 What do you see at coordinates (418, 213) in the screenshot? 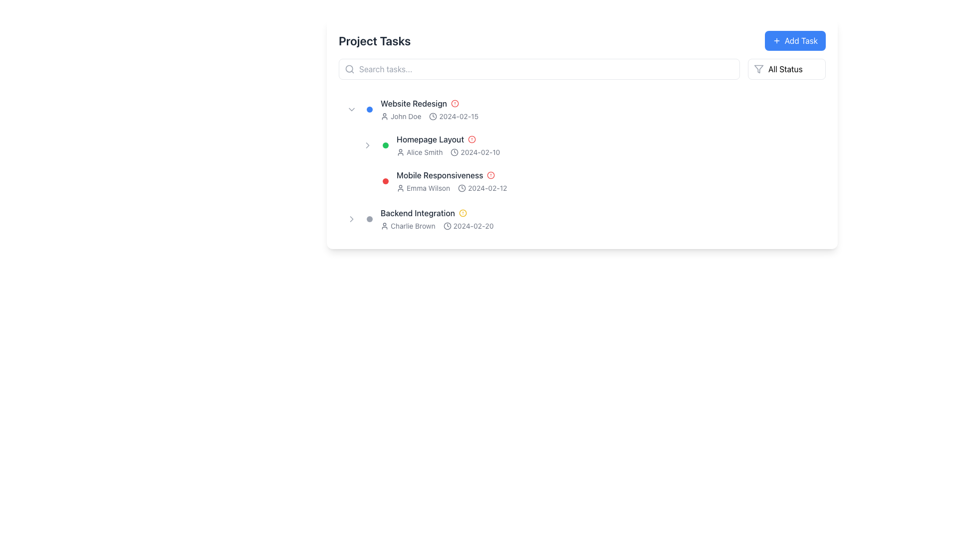
I see `the Text Label displaying the title of a specific task in the project management interface, located on the right side of the row containing task-related details` at bounding box center [418, 213].